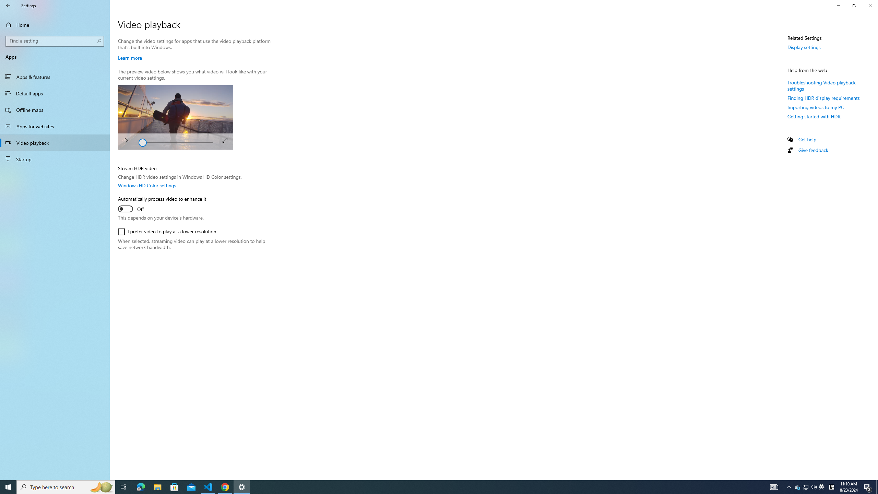 The height and width of the screenshot is (494, 878). I want to click on 'Apps for websites', so click(55, 126).